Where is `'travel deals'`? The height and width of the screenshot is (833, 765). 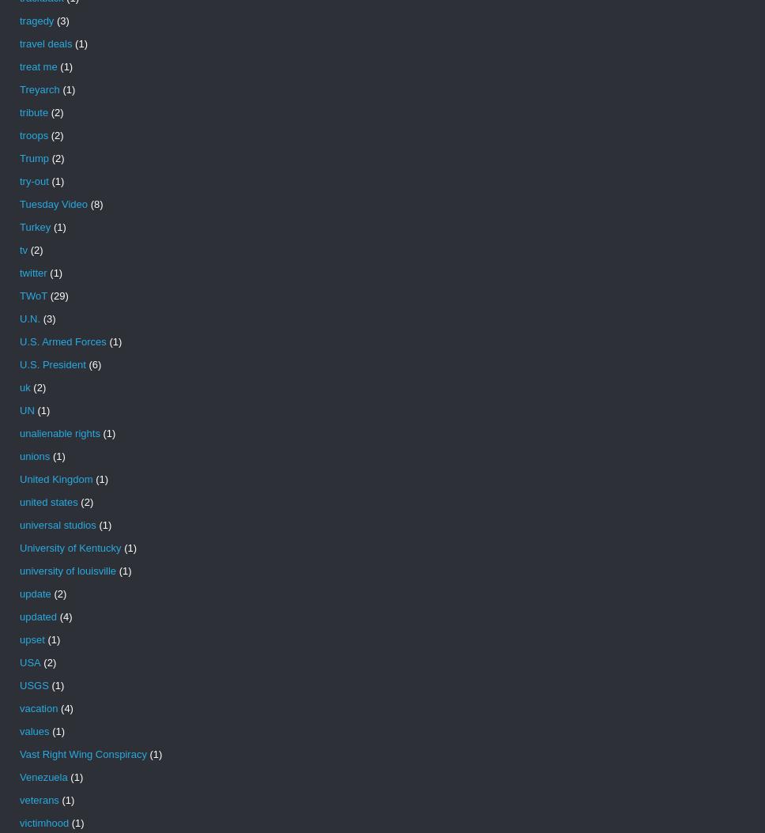
'travel deals' is located at coordinates (44, 43).